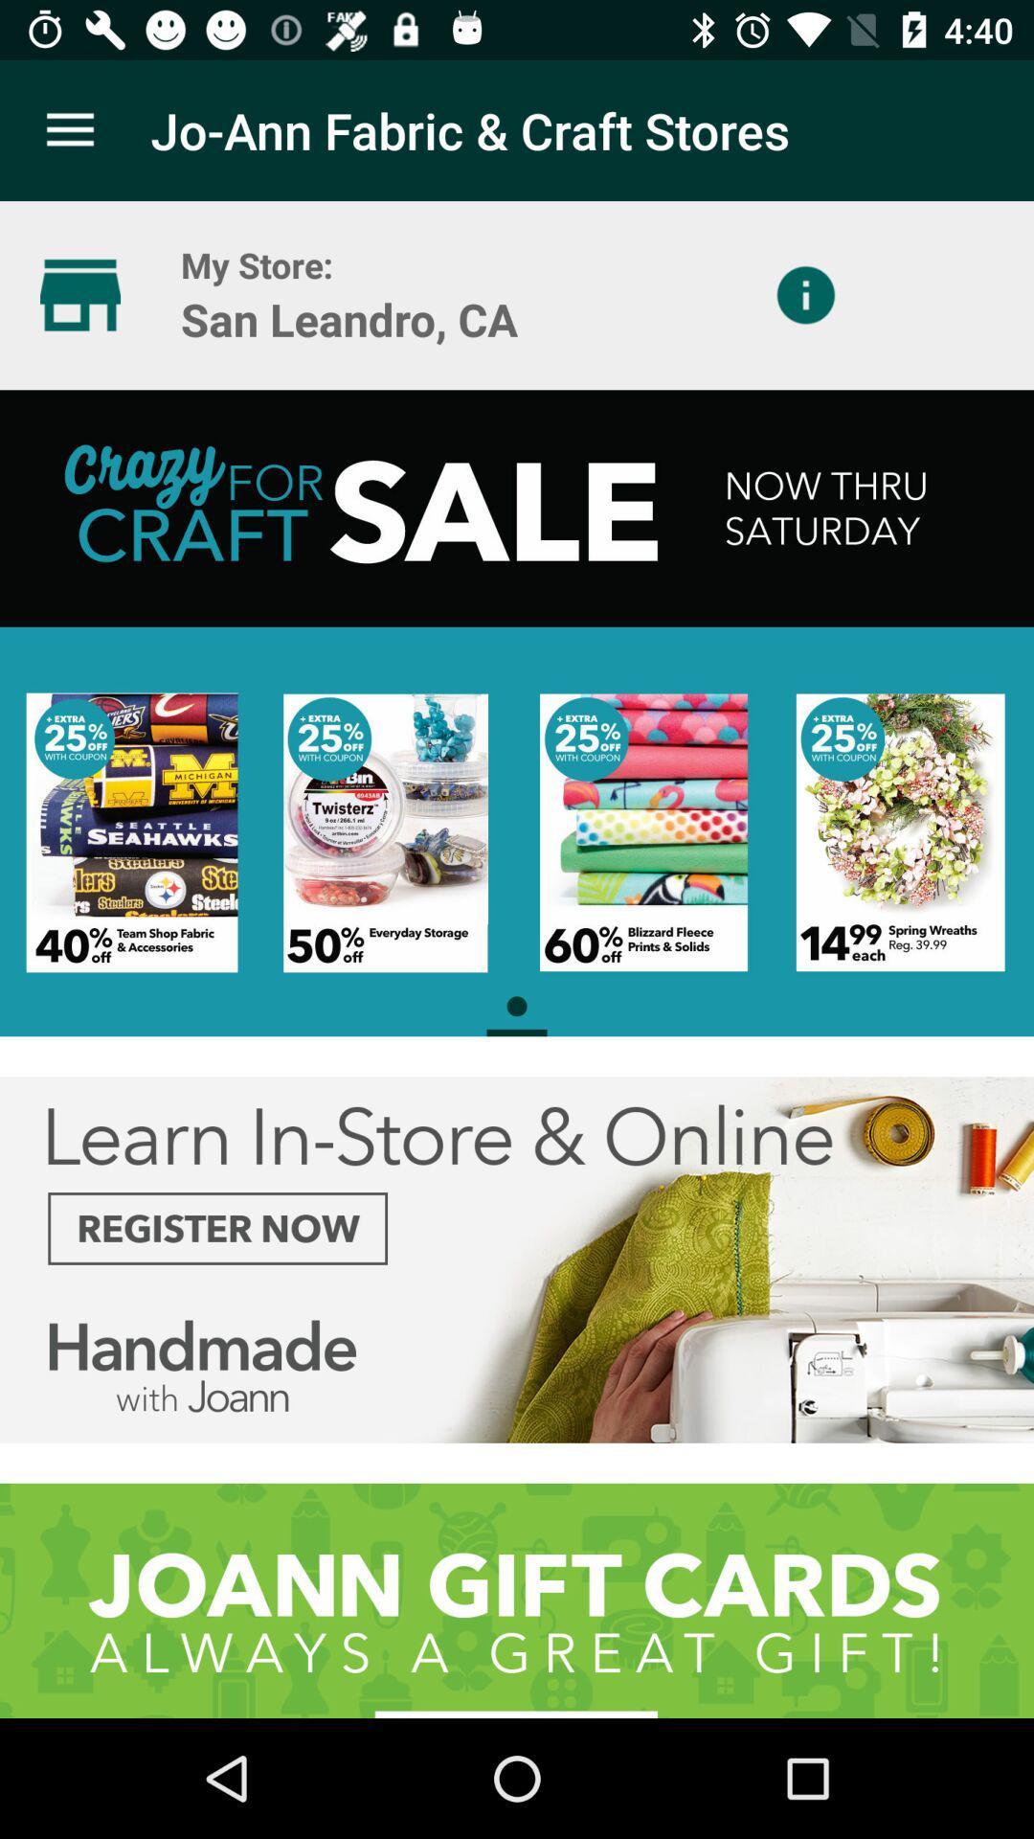 The height and width of the screenshot is (1839, 1034). I want to click on icon below the san leandro, ca, so click(517, 712).